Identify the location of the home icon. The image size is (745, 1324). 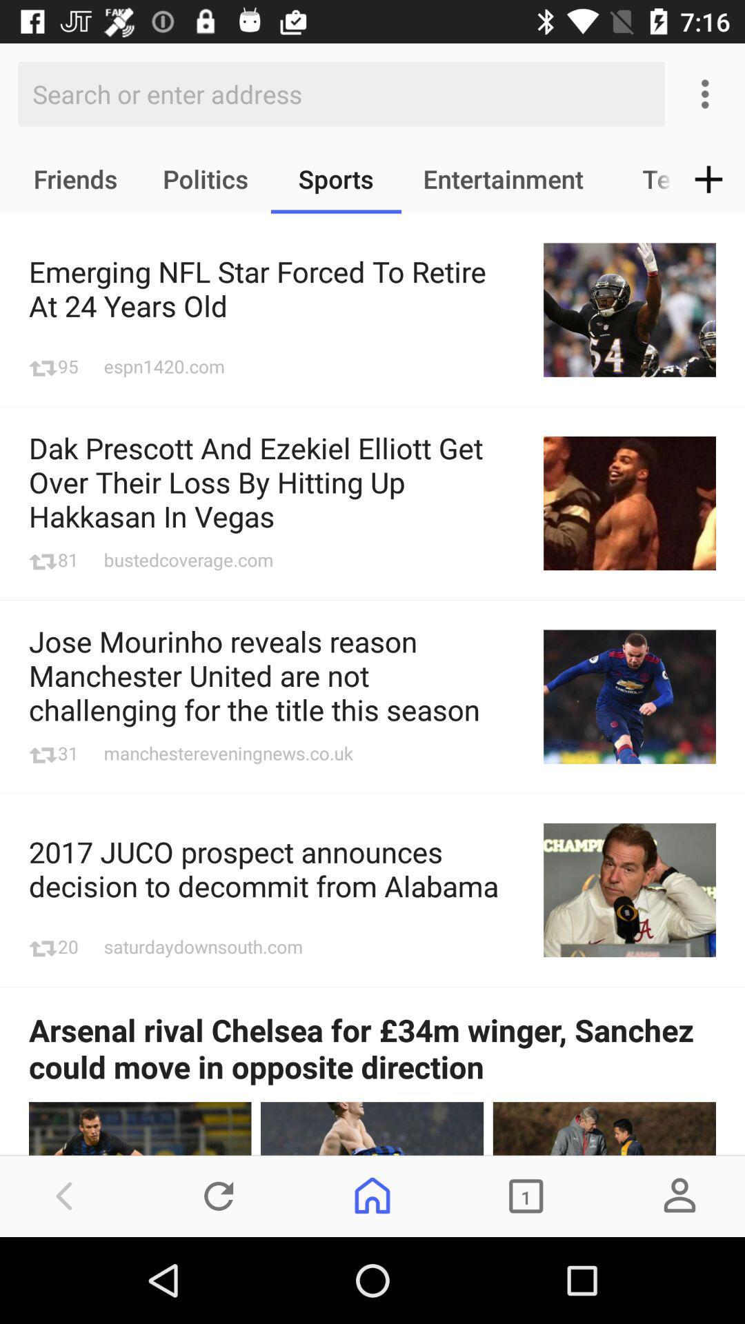
(372, 1195).